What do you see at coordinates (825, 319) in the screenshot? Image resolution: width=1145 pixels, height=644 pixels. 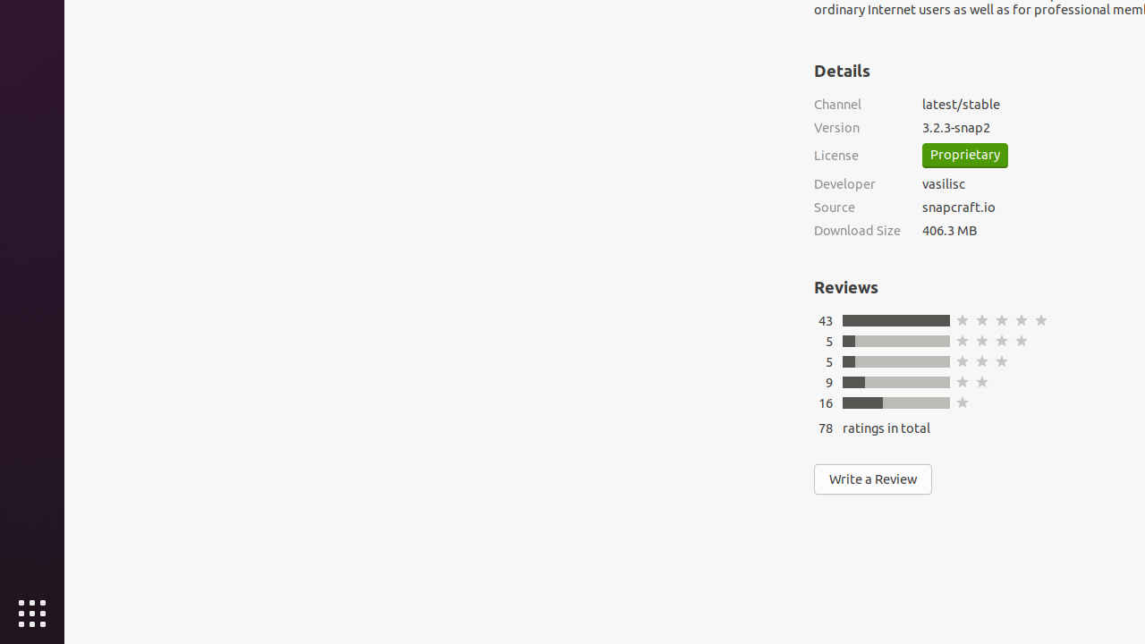 I see `'43'` at bounding box center [825, 319].